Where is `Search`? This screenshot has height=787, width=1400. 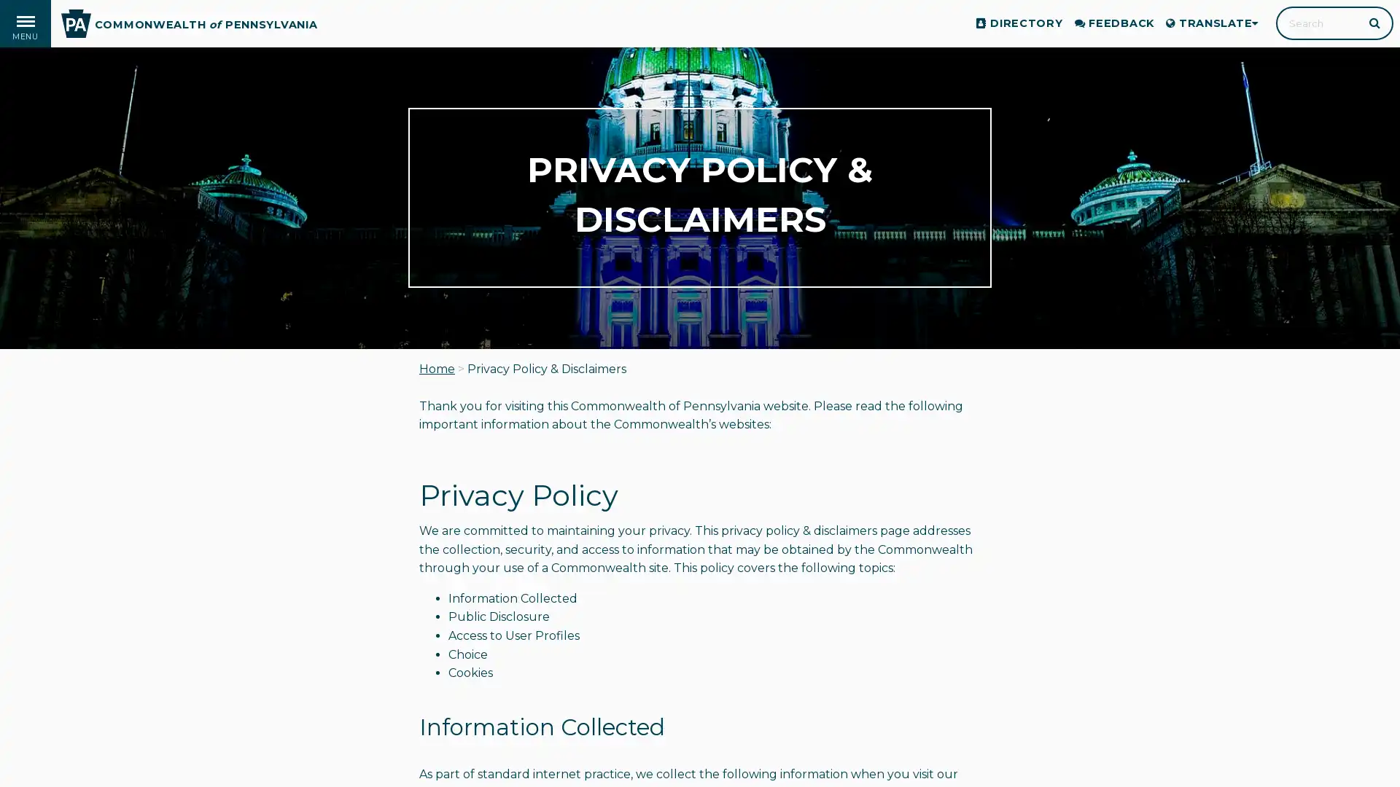 Search is located at coordinates (1375, 22).